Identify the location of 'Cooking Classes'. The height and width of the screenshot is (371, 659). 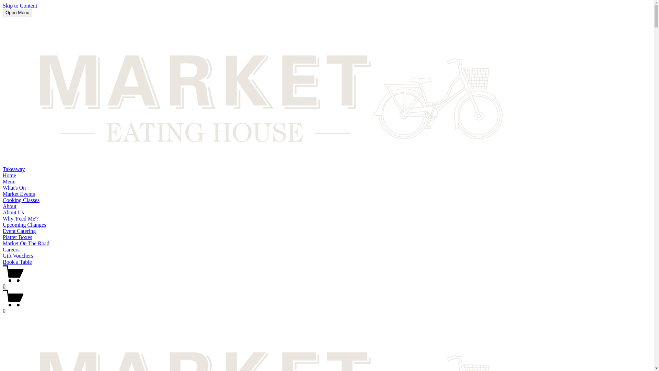
(21, 200).